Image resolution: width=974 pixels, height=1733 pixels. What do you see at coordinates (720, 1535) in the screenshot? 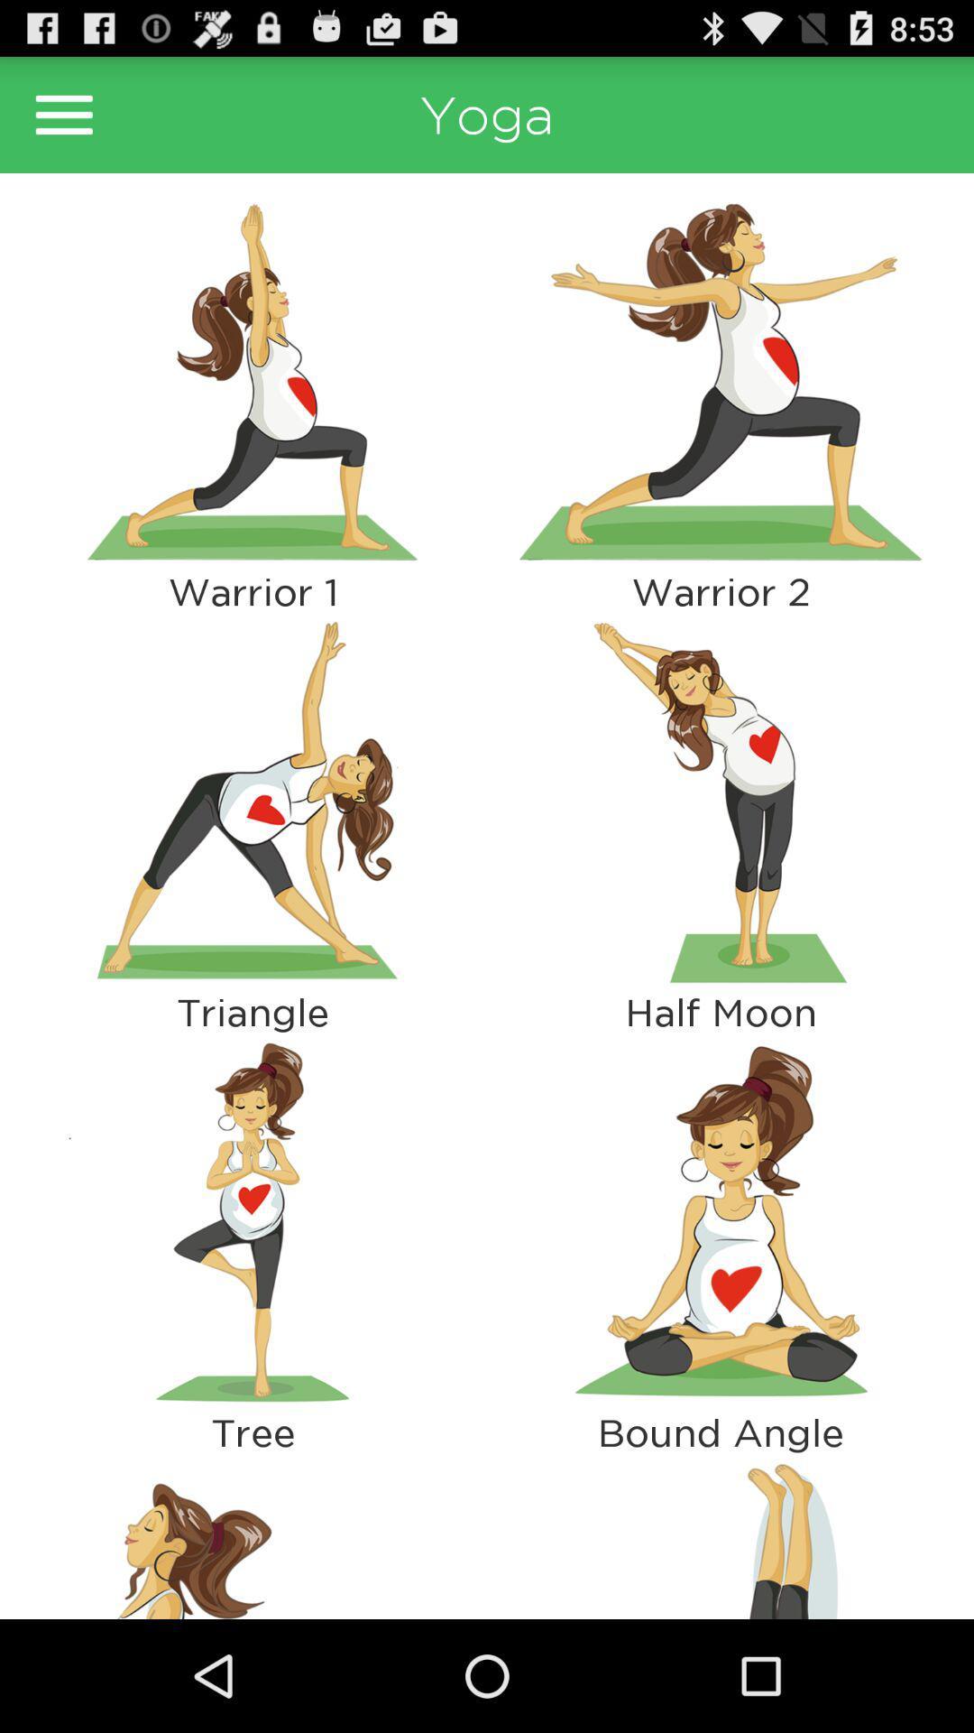
I see `app to the right of the tree` at bounding box center [720, 1535].